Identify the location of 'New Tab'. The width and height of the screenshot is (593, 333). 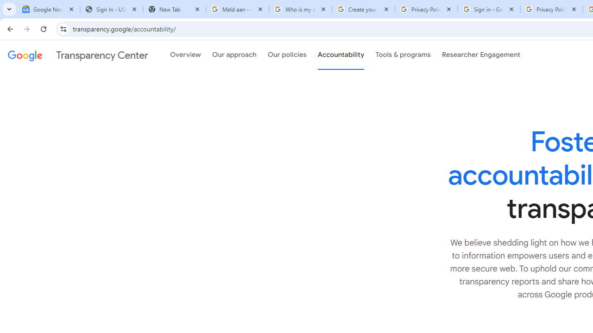
(174, 9).